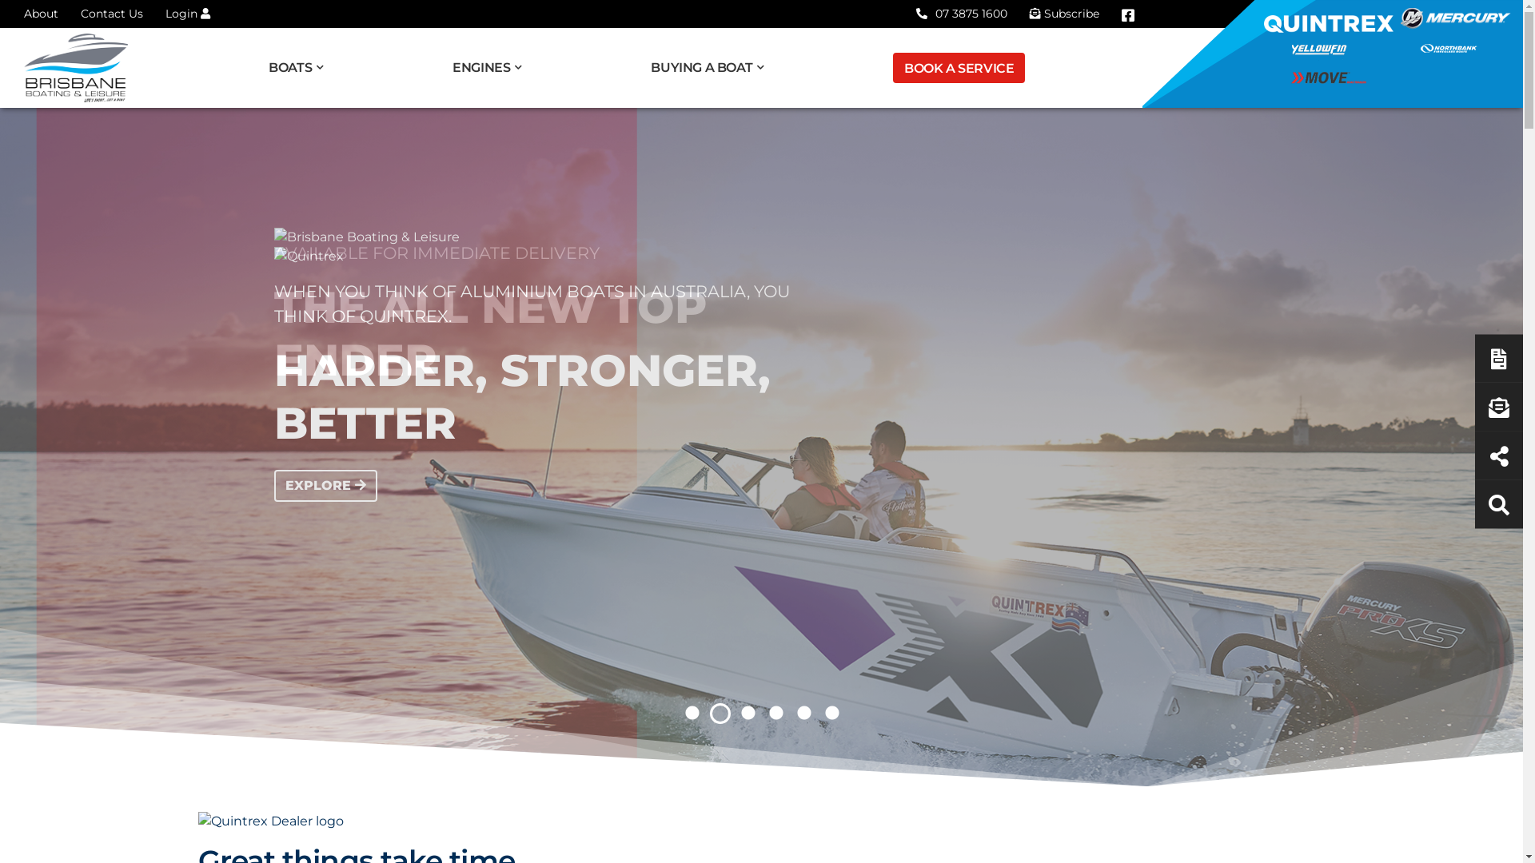  Describe the element at coordinates (1064, 13) in the screenshot. I see `'Subscribe'` at that location.